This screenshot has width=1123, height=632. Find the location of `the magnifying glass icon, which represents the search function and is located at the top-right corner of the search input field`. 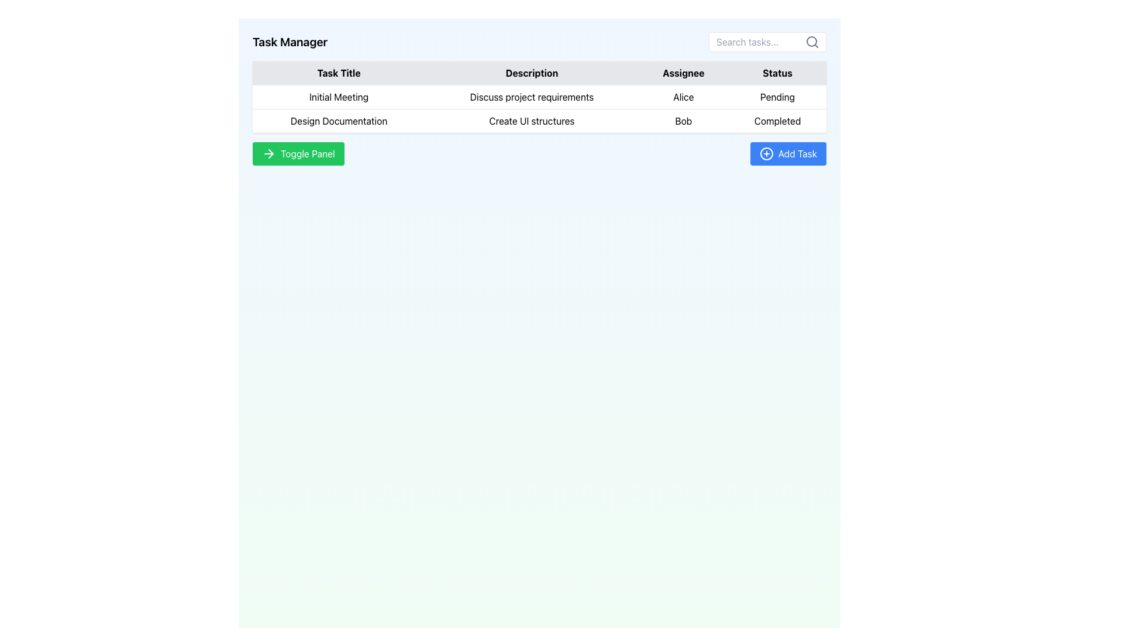

the magnifying glass icon, which represents the search function and is located at the top-right corner of the search input field is located at coordinates (811, 42).